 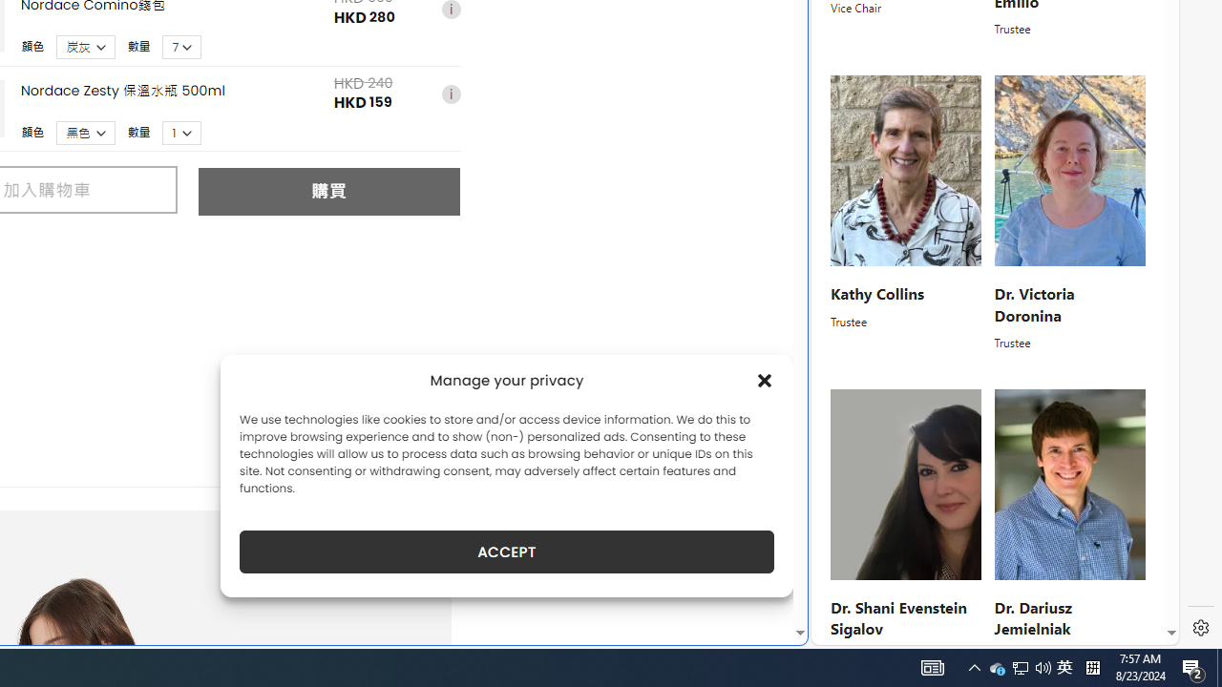 I want to click on 'Class: upsell-v2-product-upsell-variable-product-qty-select', so click(x=182, y=132).